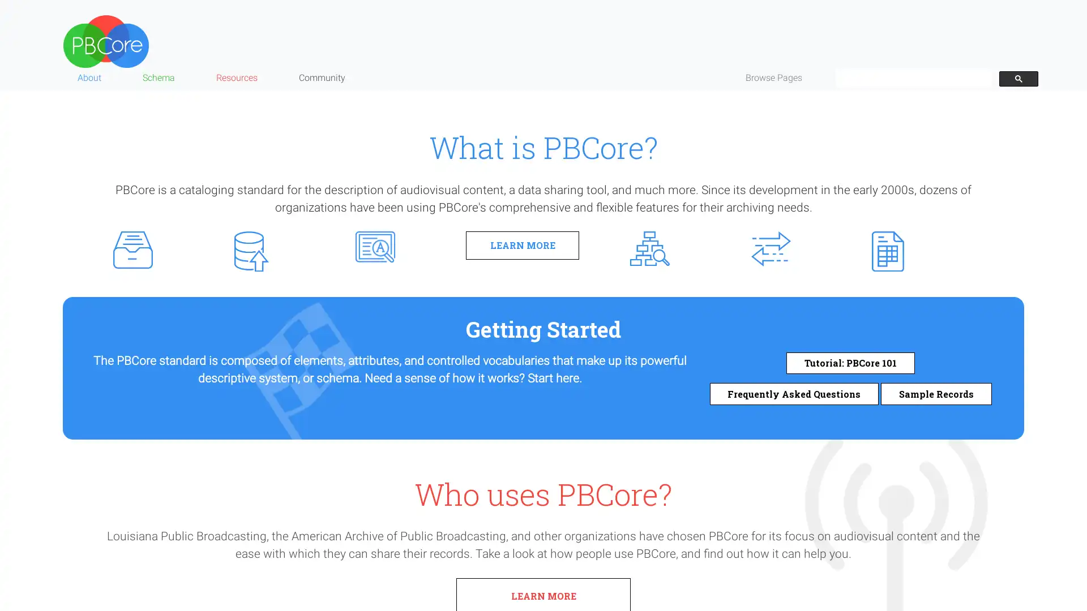 The width and height of the screenshot is (1087, 611). What do you see at coordinates (521, 245) in the screenshot?
I see `LEARN MORE` at bounding box center [521, 245].